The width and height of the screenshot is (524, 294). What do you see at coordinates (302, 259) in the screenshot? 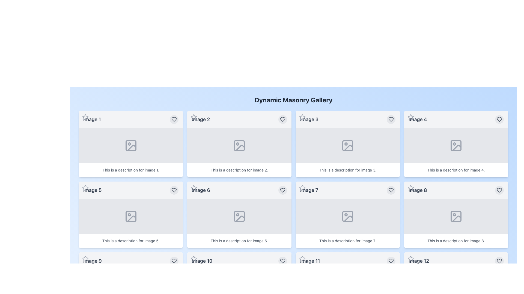
I see `the Icon Button with a star icon located in the upper-left corner of the card titled 'Image 11'` at bounding box center [302, 259].